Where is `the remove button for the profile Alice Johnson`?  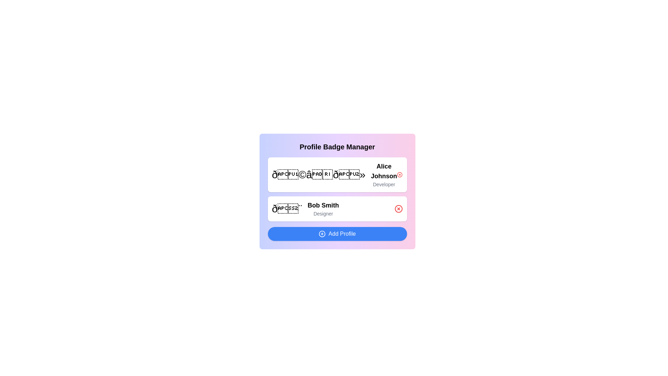 the remove button for the profile Alice Johnson is located at coordinates (399, 174).